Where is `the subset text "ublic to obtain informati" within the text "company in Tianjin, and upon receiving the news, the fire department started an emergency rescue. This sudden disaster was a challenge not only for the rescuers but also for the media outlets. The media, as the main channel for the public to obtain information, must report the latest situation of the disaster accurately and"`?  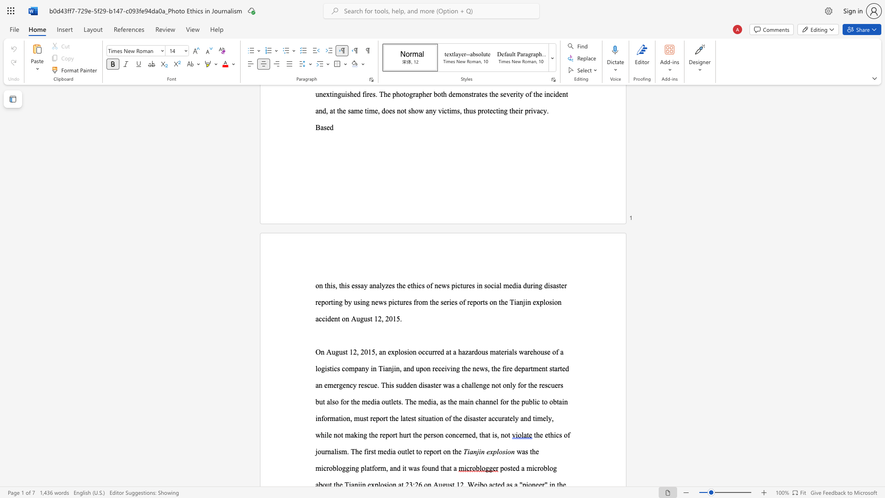 the subset text "ublic to obtain informati" within the text "company in Tianjin, and upon receiving the news, the fire department started an emergency rescue. This sudden disaster was a challenge not only for the rescuers but also for the media outlets. The media, as the main channel for the public to obtain information, must report the latest situation of the disaster accurately and" is located at coordinates (525, 401).